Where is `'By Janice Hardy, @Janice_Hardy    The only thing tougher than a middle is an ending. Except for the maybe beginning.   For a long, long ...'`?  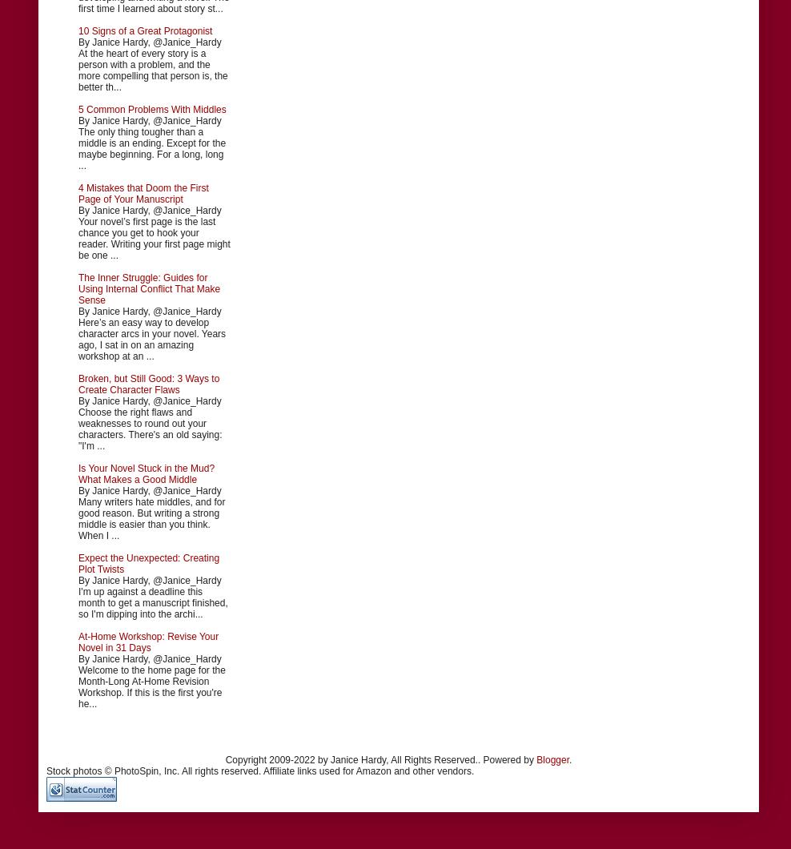 'By Janice Hardy, @Janice_Hardy    The only thing tougher than a middle is an ending. Except for the maybe beginning.   For a long, long ...' is located at coordinates (151, 141).